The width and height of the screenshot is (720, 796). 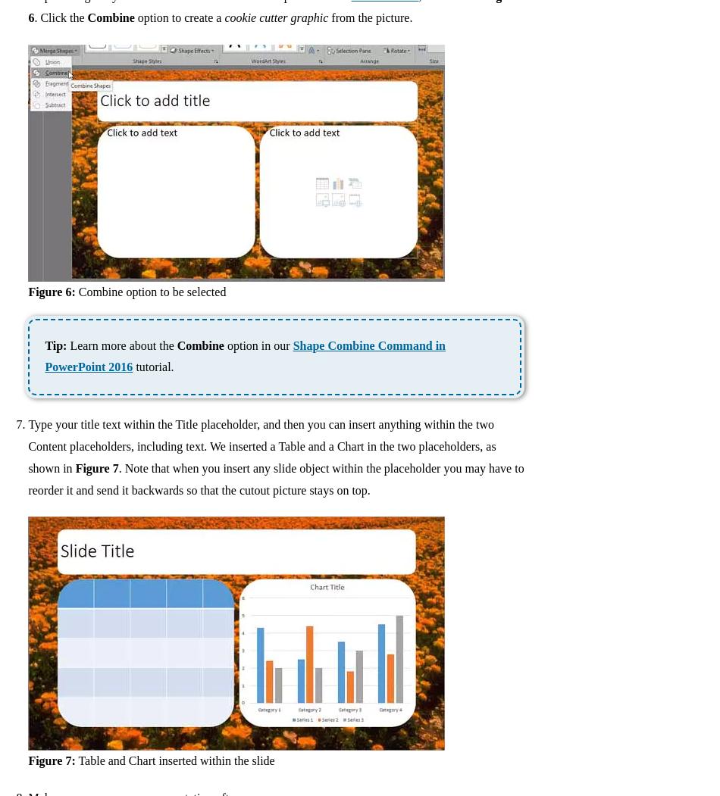 What do you see at coordinates (275, 17) in the screenshot?
I see `'cookie cutter graphic'` at bounding box center [275, 17].